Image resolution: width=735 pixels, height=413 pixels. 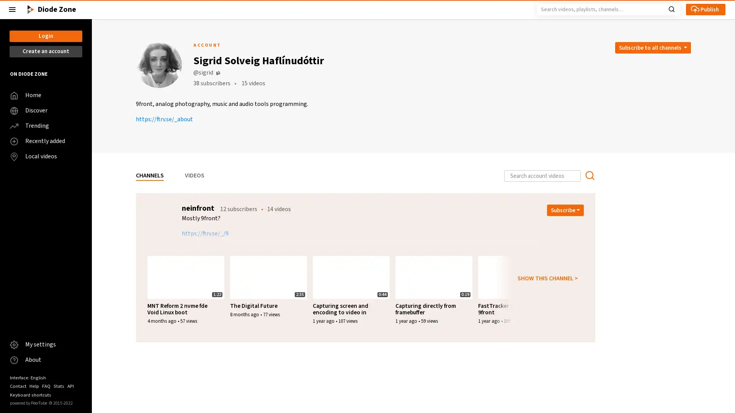 What do you see at coordinates (28, 377) in the screenshot?
I see `Interface: English` at bounding box center [28, 377].